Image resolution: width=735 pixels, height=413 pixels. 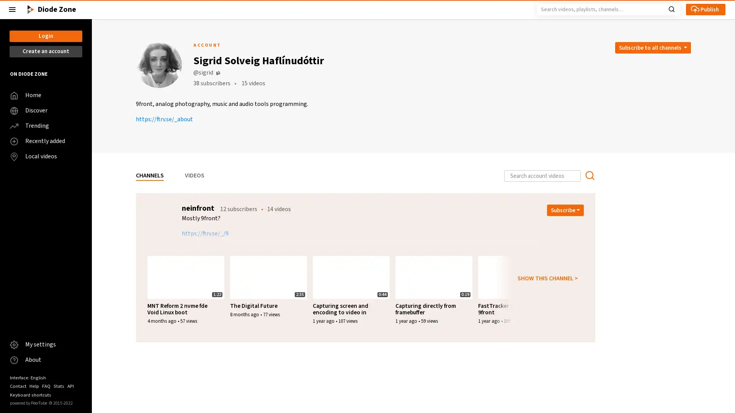 What do you see at coordinates (28, 377) in the screenshot?
I see `Interface: English` at bounding box center [28, 377].